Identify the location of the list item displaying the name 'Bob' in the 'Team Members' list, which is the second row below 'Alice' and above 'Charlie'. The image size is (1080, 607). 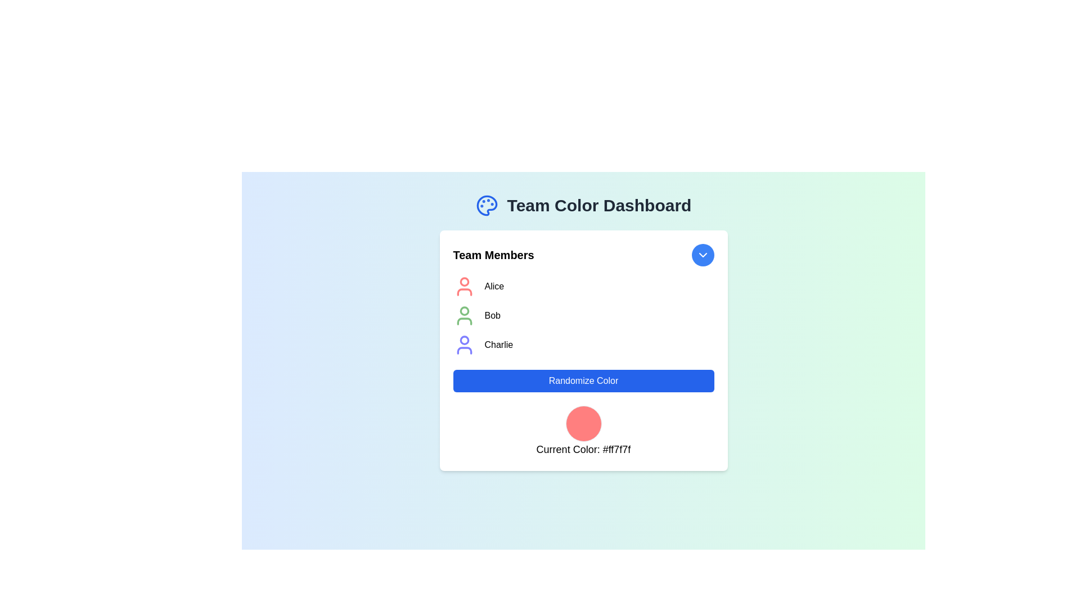
(583, 316).